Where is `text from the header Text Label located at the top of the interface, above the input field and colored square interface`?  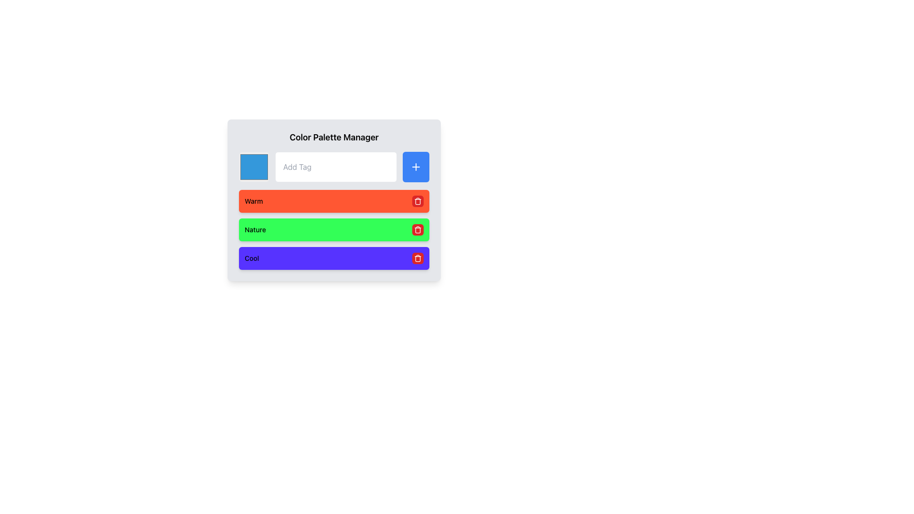 text from the header Text Label located at the top of the interface, above the input field and colored square interface is located at coordinates (334, 138).